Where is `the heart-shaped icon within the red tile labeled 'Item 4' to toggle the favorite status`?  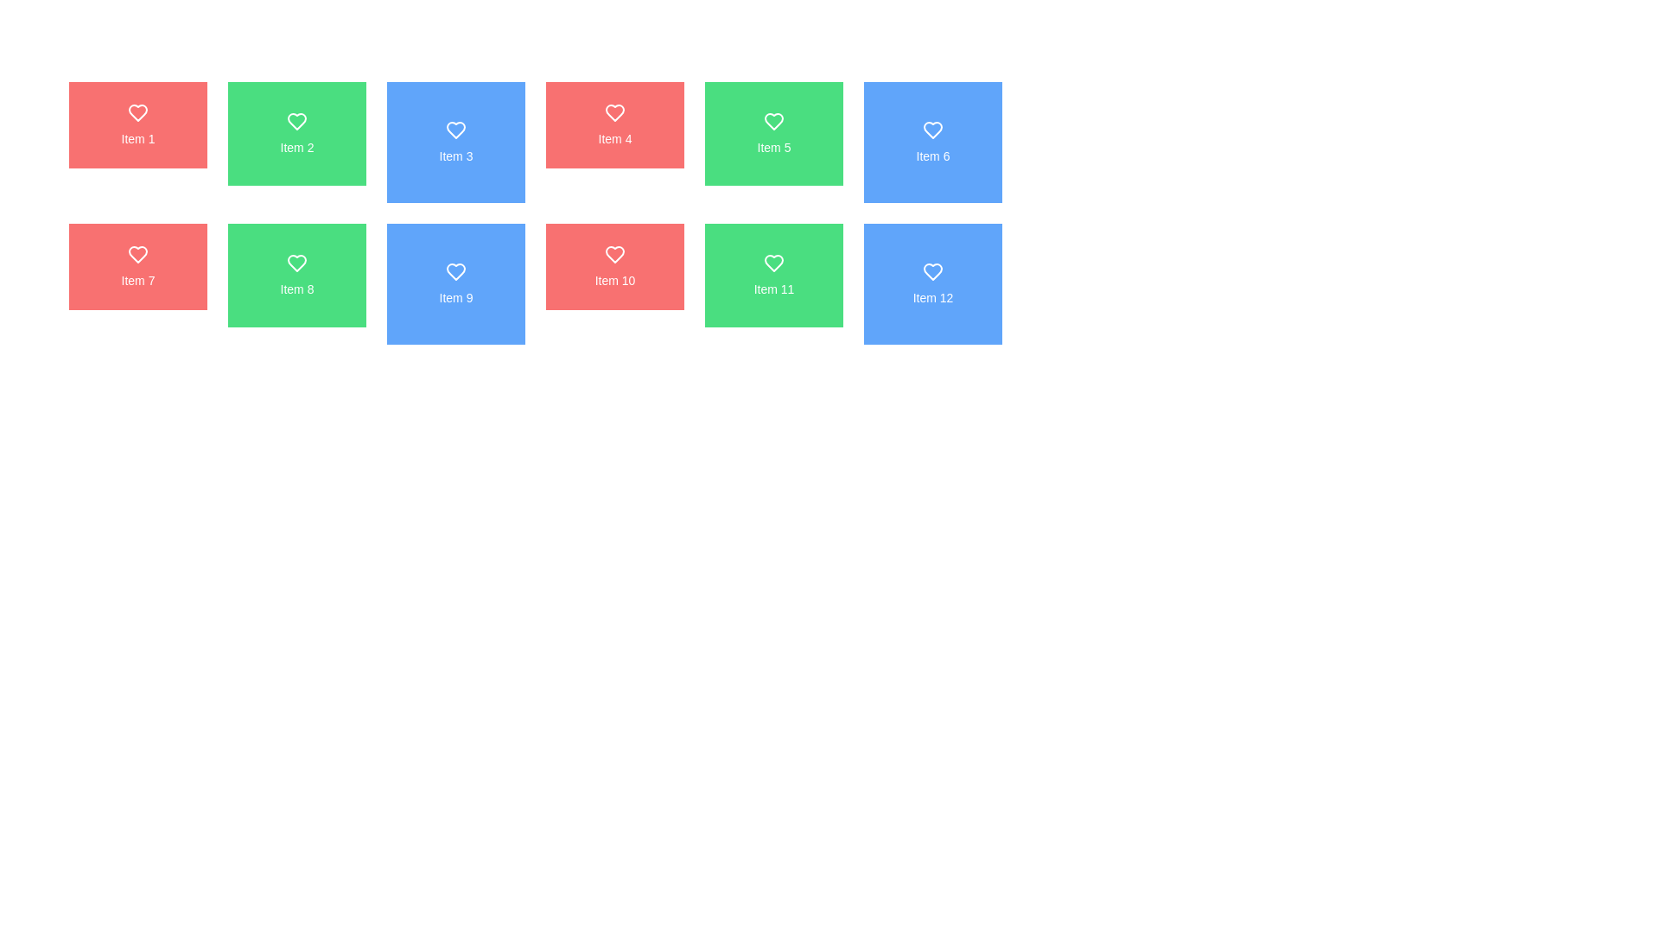
the heart-shaped icon within the red tile labeled 'Item 4' to toggle the favorite status is located at coordinates (614, 113).